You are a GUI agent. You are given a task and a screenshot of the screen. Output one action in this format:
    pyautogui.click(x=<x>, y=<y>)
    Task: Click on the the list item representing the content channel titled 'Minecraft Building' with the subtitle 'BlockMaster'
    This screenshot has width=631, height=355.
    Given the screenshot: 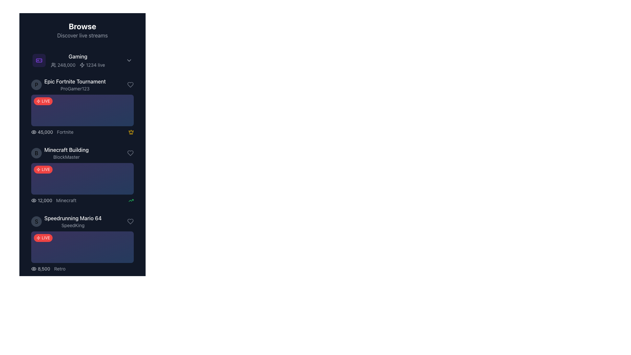 What is the action you would take?
    pyautogui.click(x=82, y=153)
    